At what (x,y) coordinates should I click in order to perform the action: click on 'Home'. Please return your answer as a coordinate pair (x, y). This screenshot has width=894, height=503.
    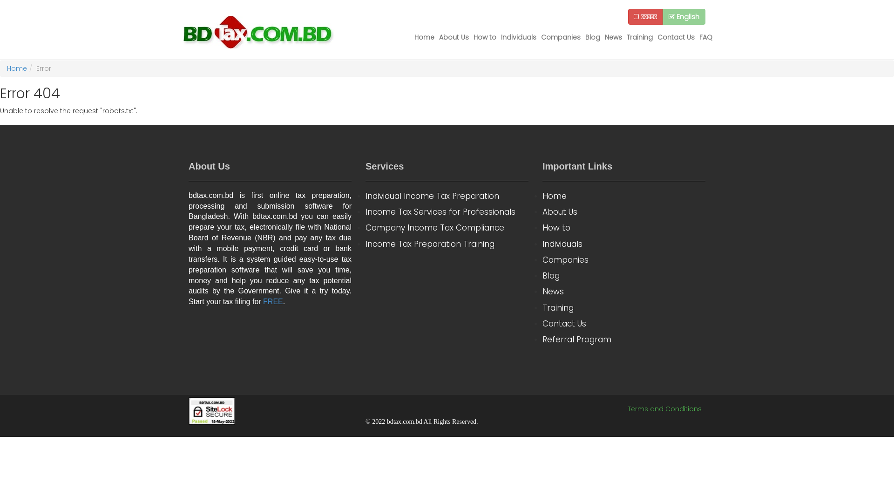
    Looking at the image, I should click on (623, 195).